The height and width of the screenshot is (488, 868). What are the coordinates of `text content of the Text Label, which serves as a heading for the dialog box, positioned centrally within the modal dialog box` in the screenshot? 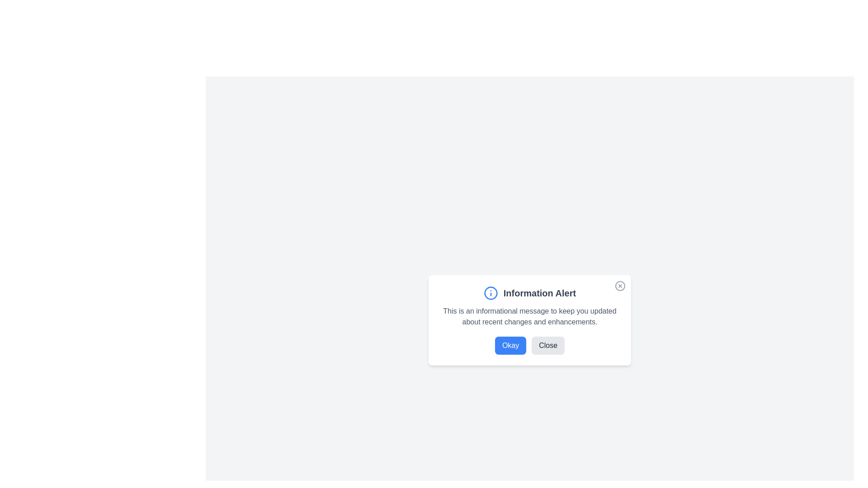 It's located at (540, 293).